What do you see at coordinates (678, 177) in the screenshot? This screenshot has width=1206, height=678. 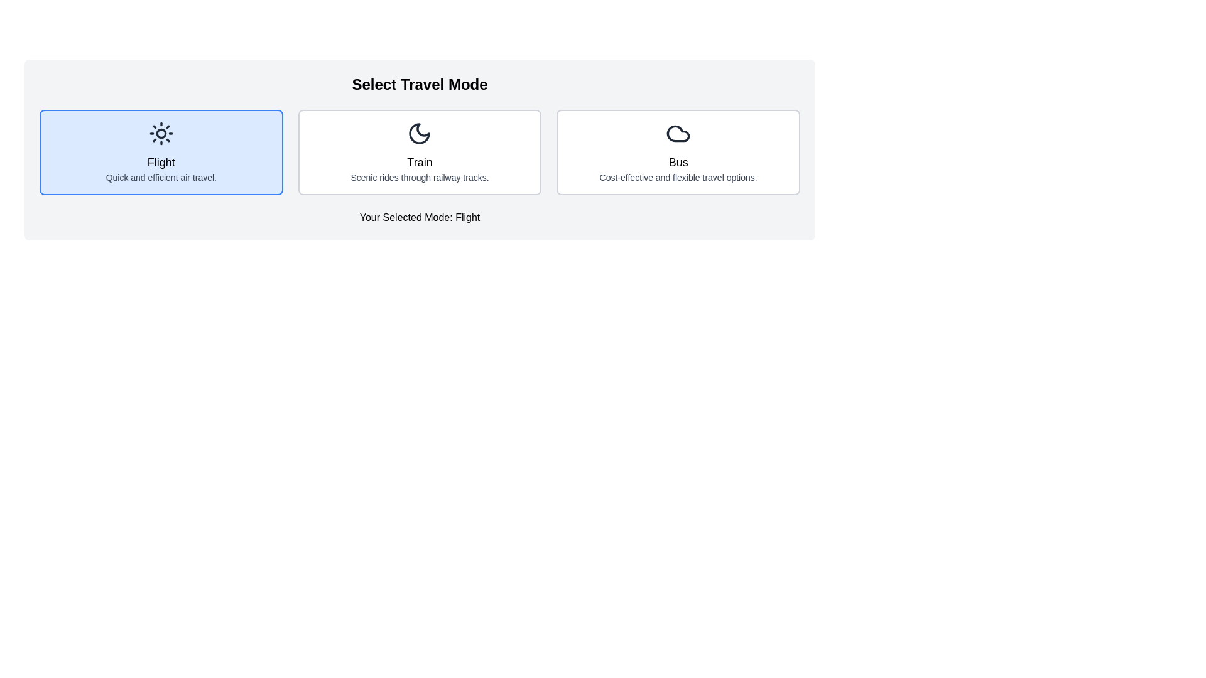 I see `text content of the descriptive label that says 'Cost-effective and flexible travel options.' positioned below the 'Bus' label in the rightmost card of the travel mode options` at bounding box center [678, 177].